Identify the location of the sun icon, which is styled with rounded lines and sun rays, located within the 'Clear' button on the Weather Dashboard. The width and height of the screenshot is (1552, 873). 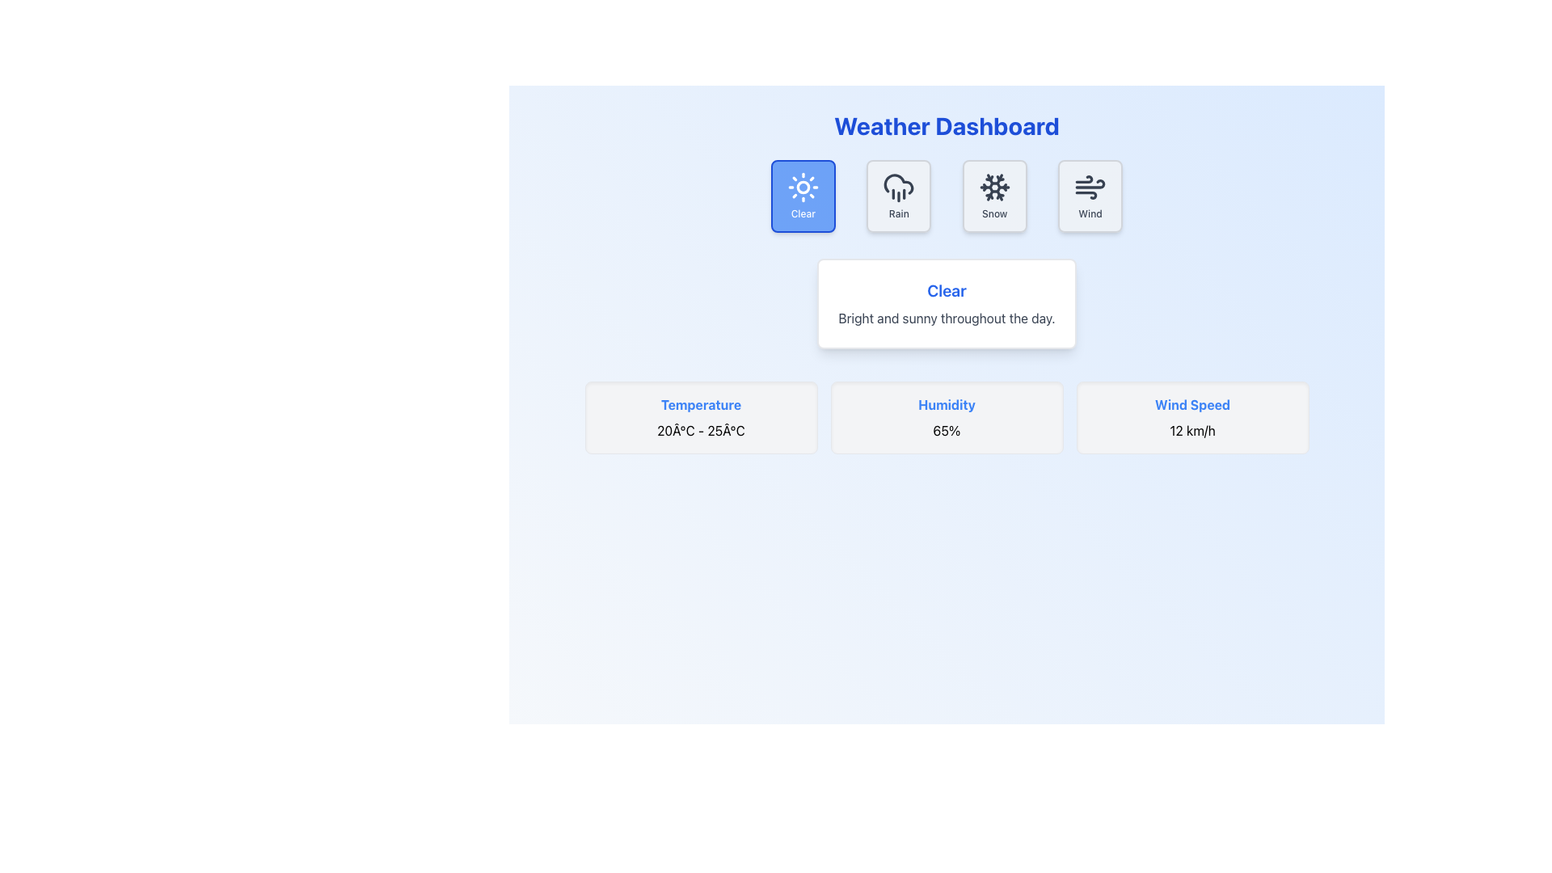
(803, 186).